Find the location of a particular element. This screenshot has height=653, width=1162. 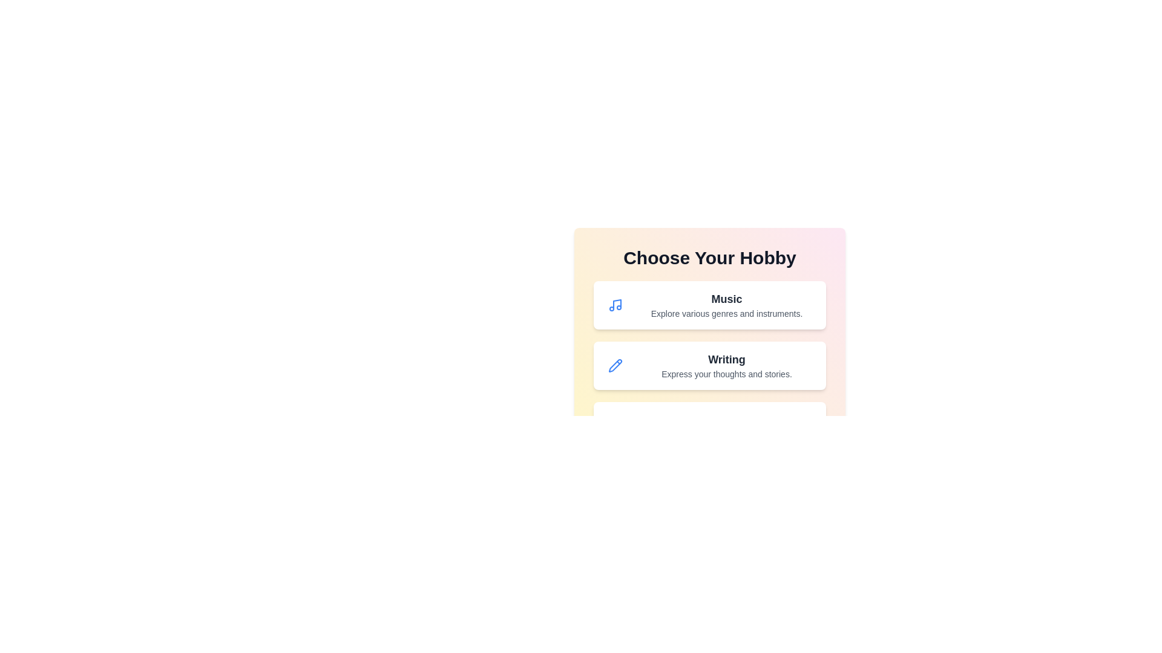

the hobby item Music to view its hover effect is located at coordinates (709, 305).